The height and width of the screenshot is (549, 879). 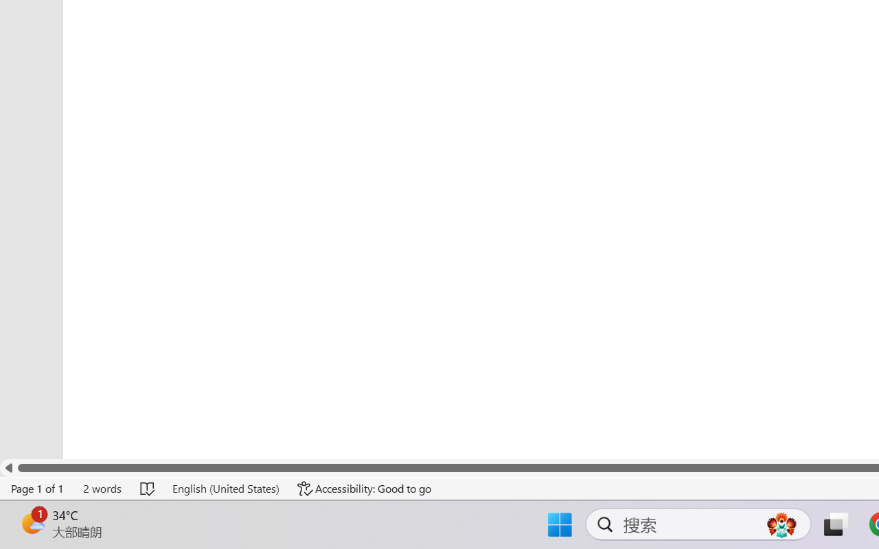 I want to click on 'Accessibility Checker Accessibility: Good to go', so click(x=365, y=488).